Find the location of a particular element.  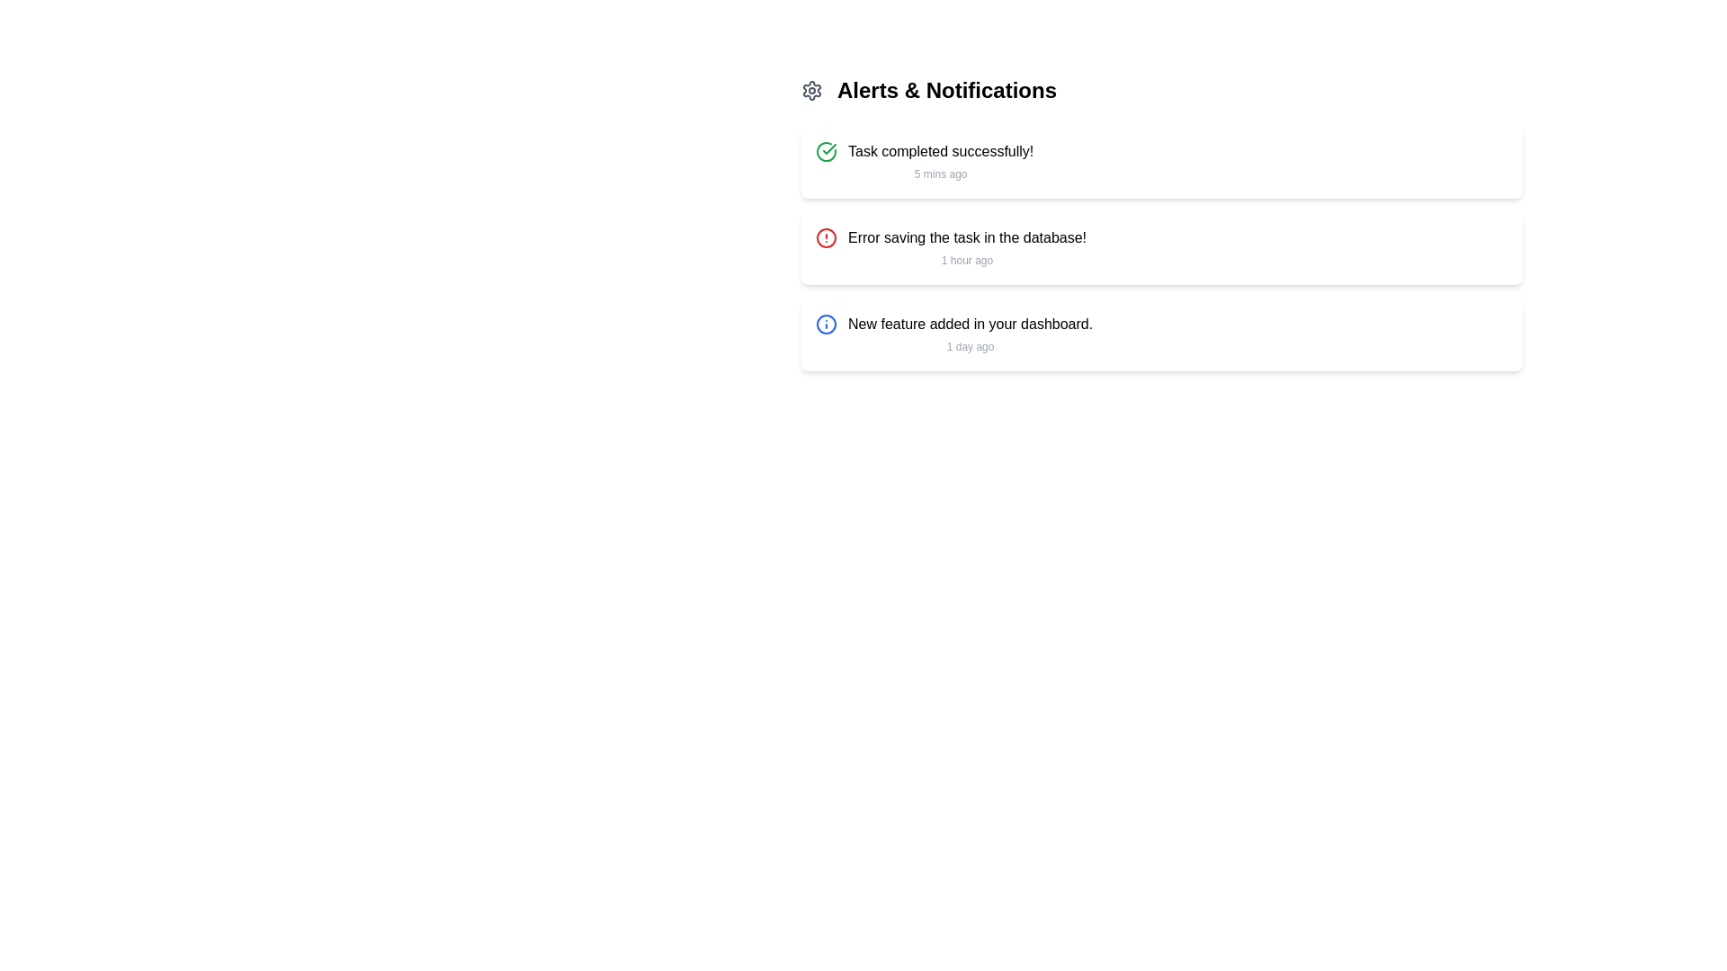

static text notification that states 'New feature added in your dashboard.' located in the bottom-most notification box under the 'Alerts & Notifications' section is located at coordinates (970, 325).